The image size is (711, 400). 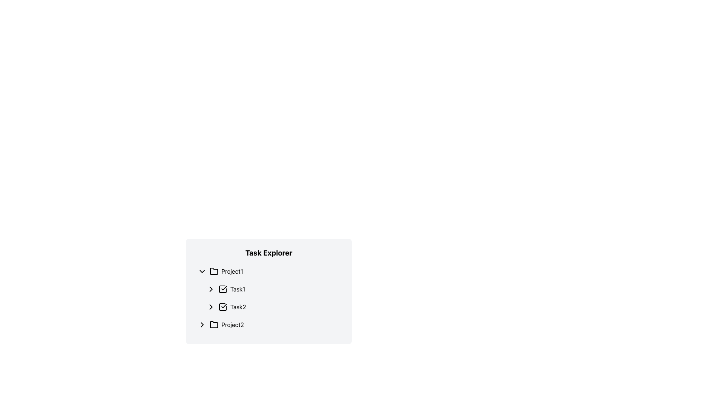 What do you see at coordinates (213, 324) in the screenshot?
I see `the folder icon that precedes the 'Project2' label in the list structure` at bounding box center [213, 324].